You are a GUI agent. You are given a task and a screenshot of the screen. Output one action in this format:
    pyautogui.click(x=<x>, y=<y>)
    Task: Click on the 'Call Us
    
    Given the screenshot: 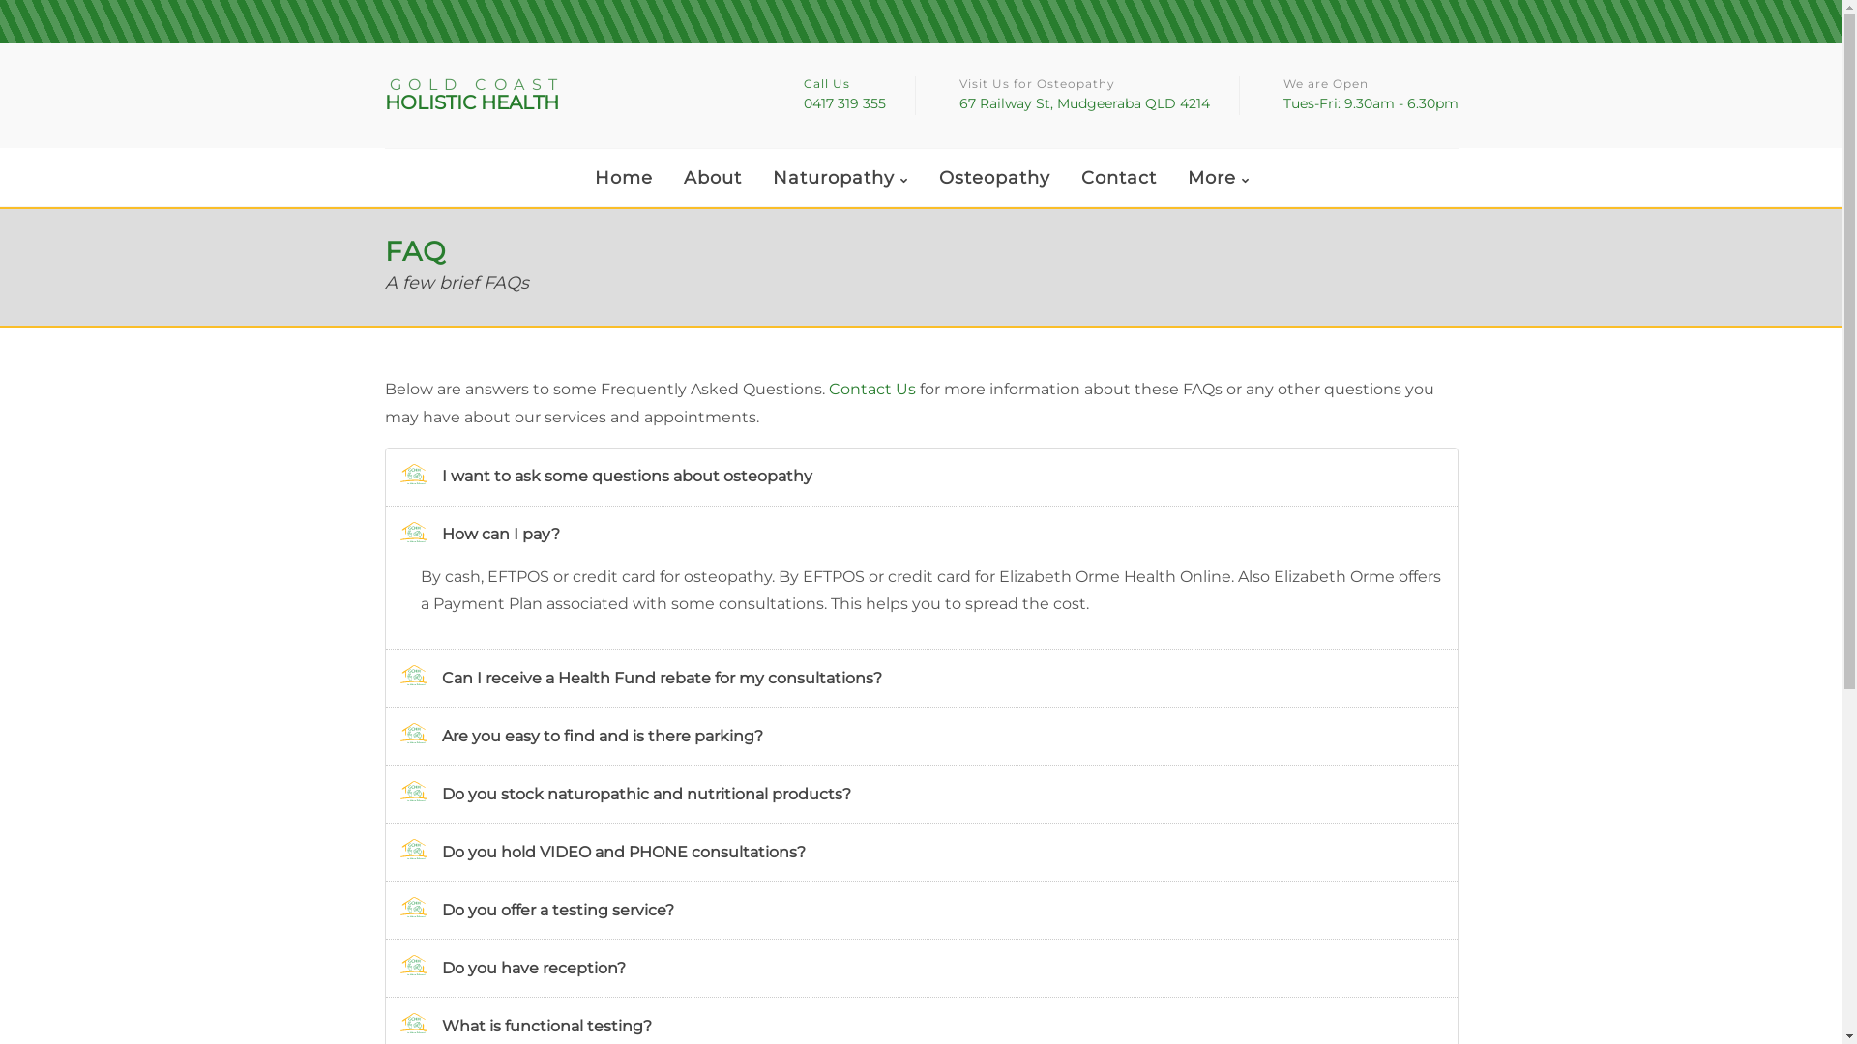 What is the action you would take?
    pyautogui.click(x=843, y=96)
    